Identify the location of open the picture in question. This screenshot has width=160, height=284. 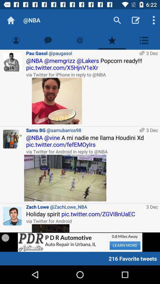
(57, 101).